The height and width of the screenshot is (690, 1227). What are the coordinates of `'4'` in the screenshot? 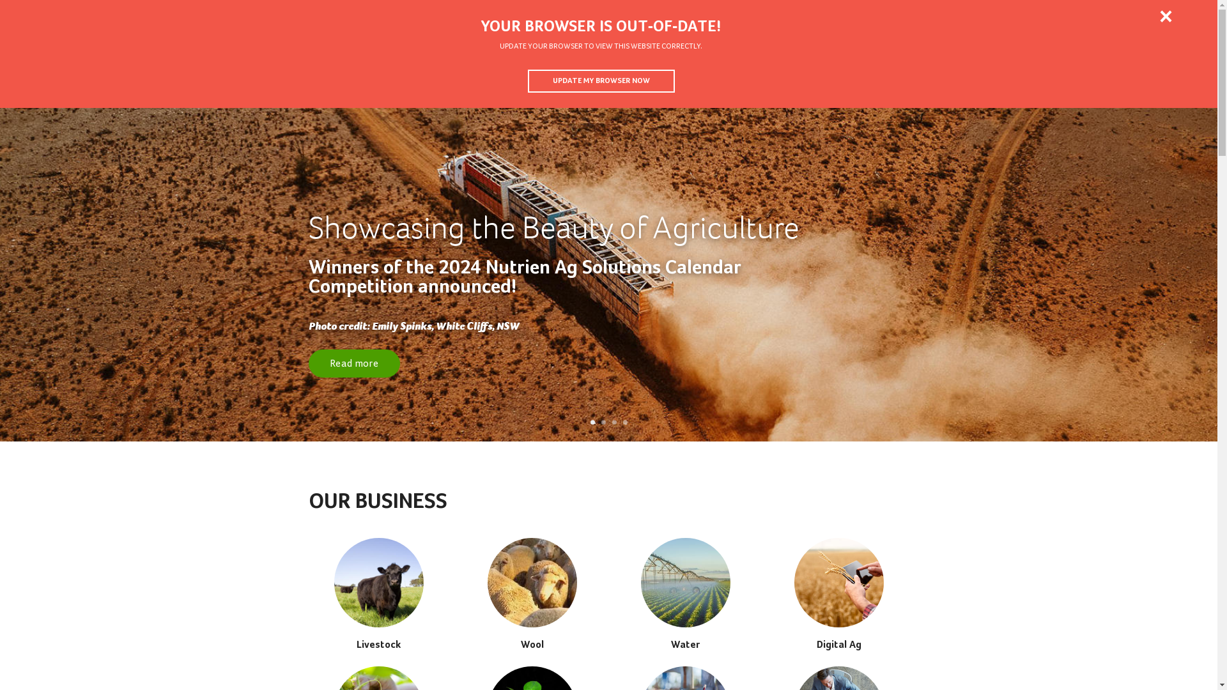 It's located at (624, 422).